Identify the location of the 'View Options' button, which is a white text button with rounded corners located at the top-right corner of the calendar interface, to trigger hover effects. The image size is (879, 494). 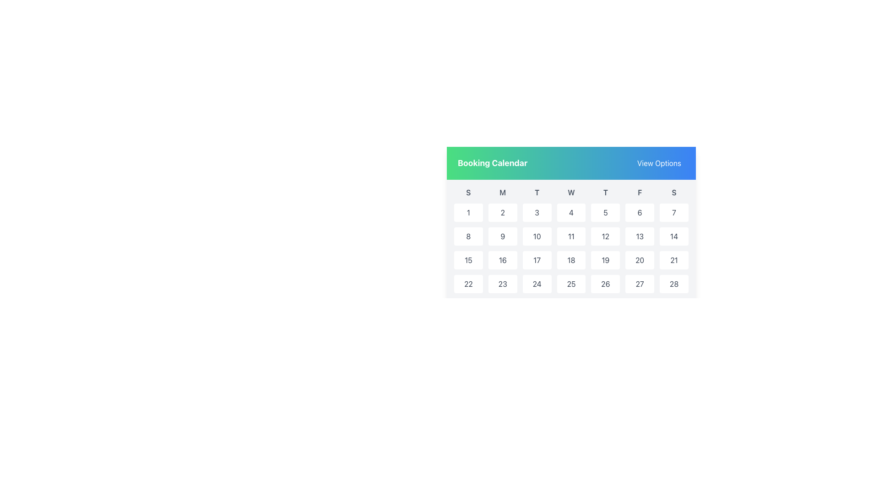
(659, 163).